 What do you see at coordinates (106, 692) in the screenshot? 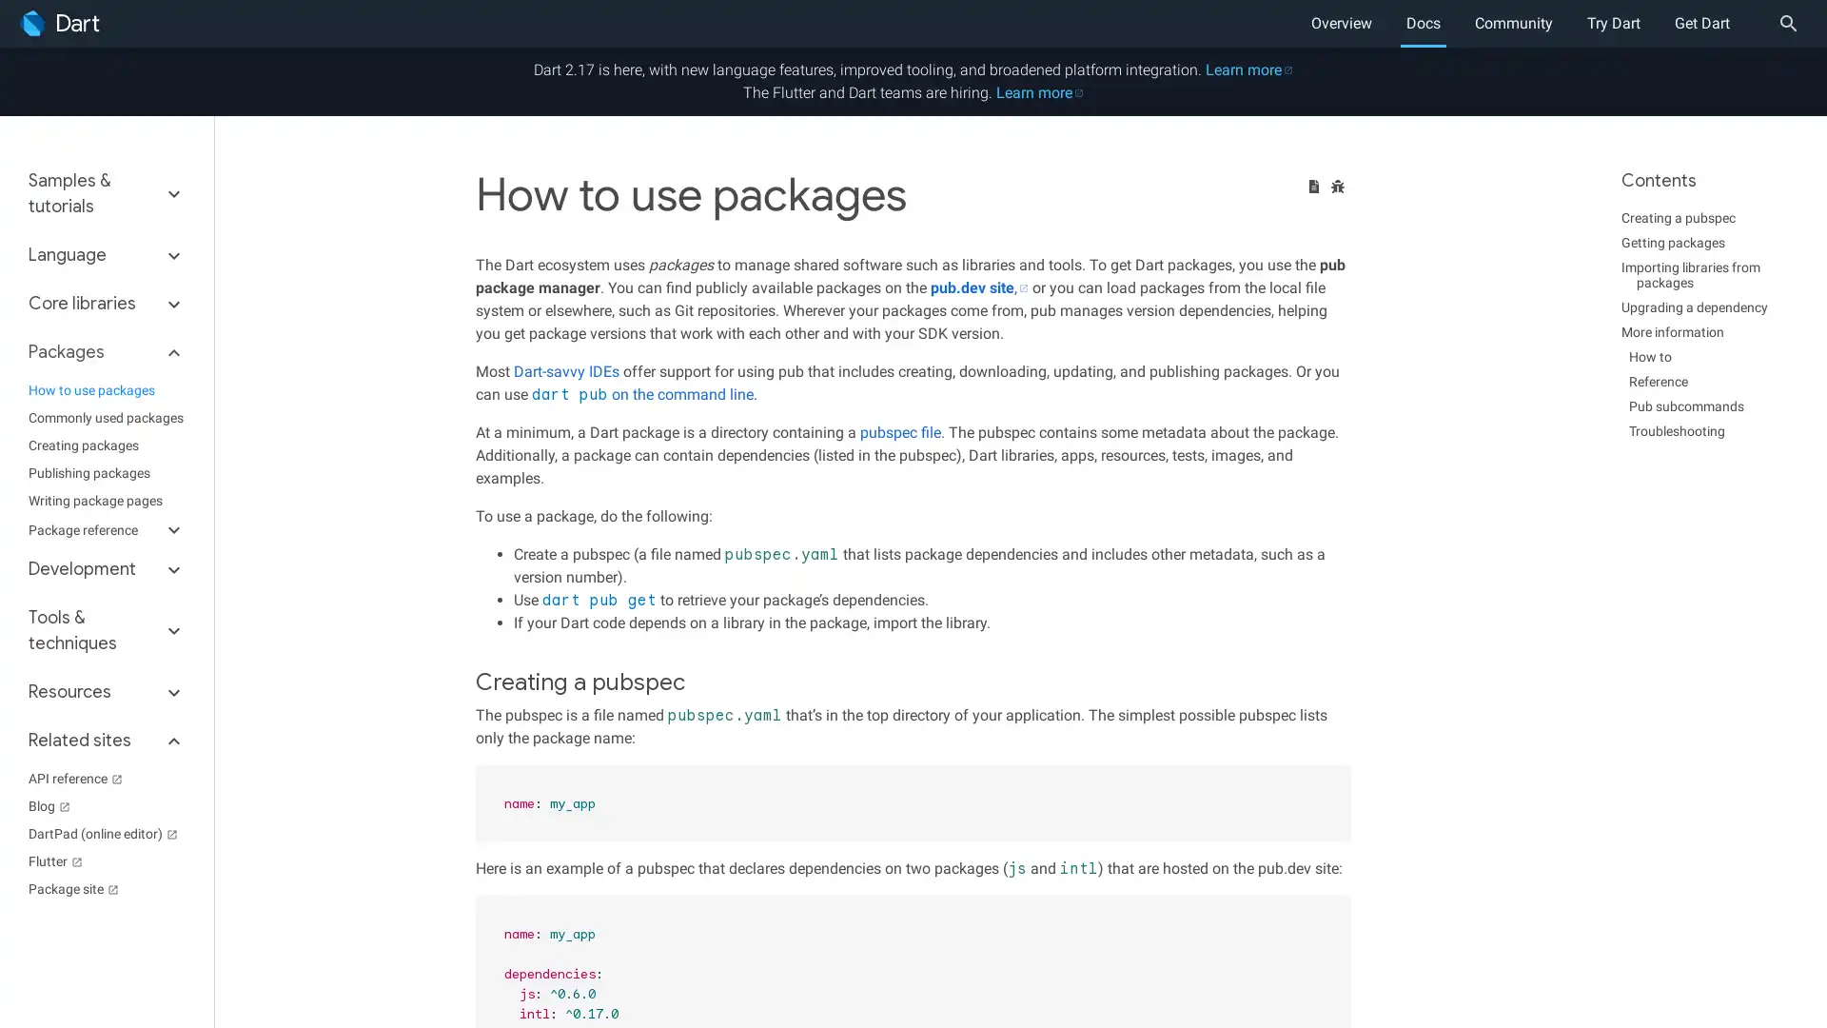
I see `Resources keyboard_arrow_down` at bounding box center [106, 692].